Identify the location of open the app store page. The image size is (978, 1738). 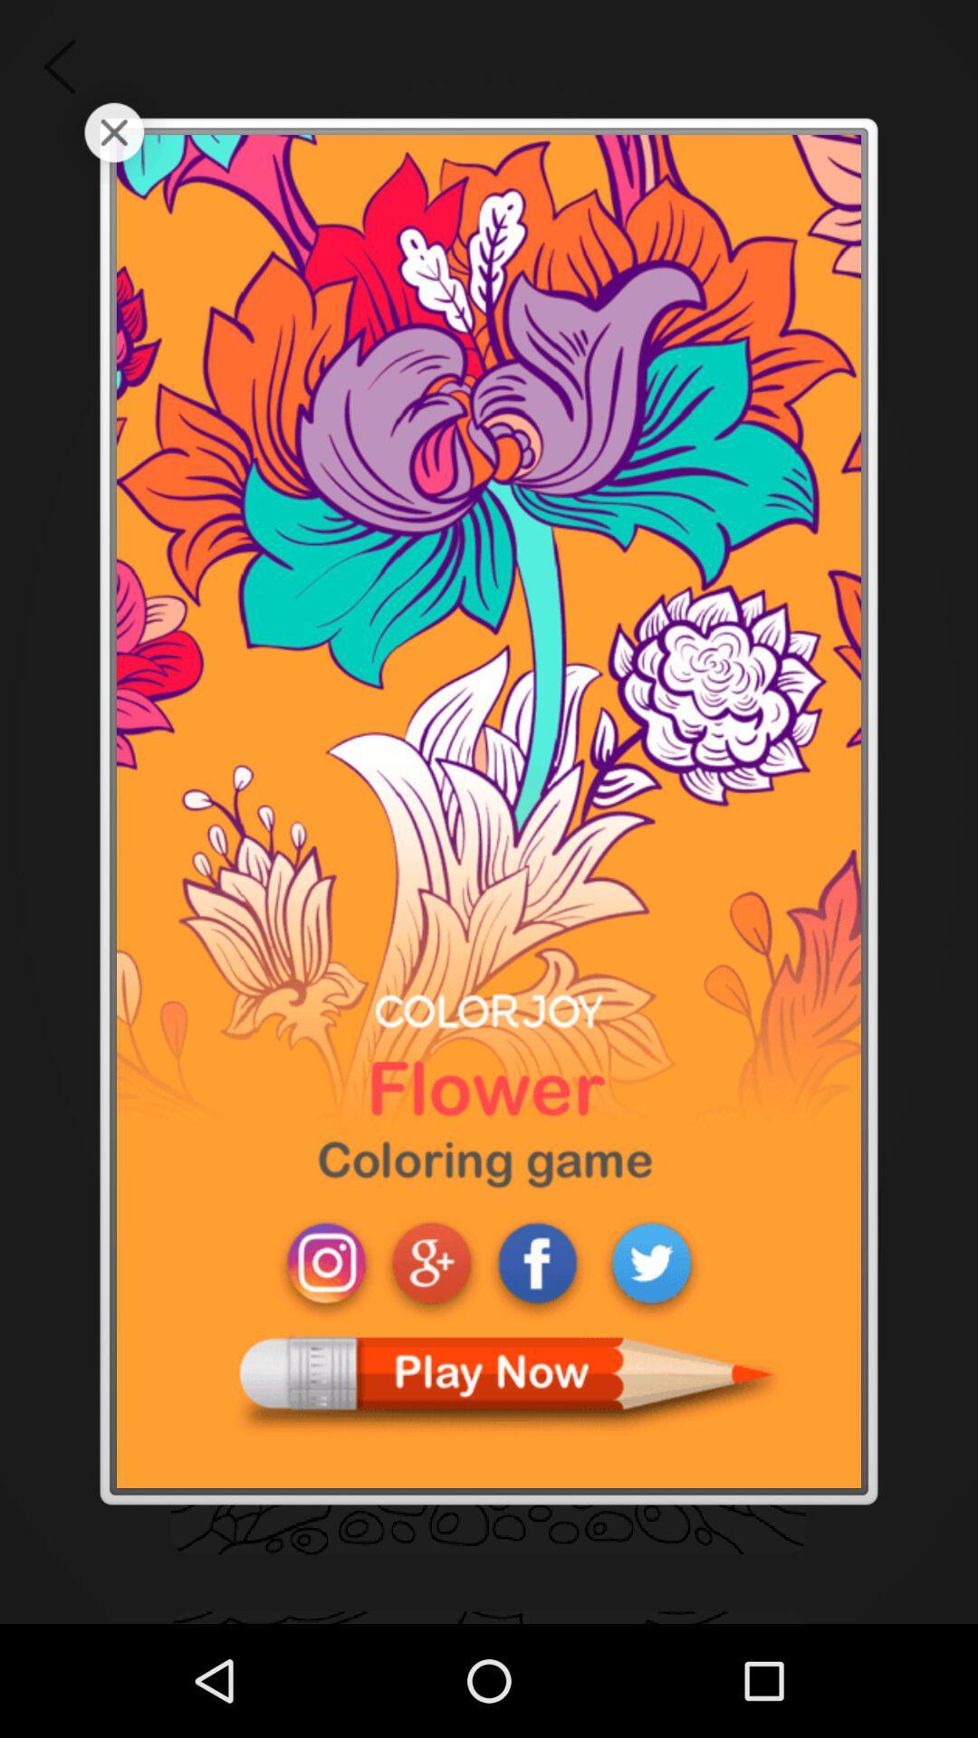
(489, 810).